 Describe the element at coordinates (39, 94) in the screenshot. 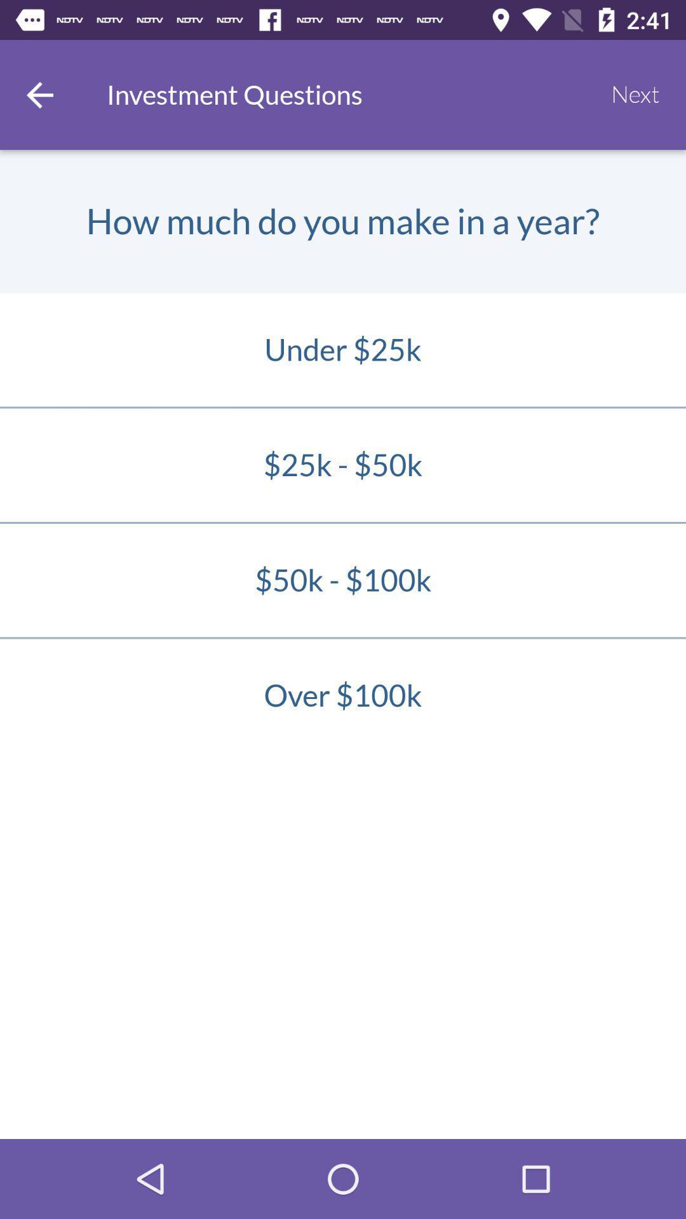

I see `item next to the investment questions` at that location.